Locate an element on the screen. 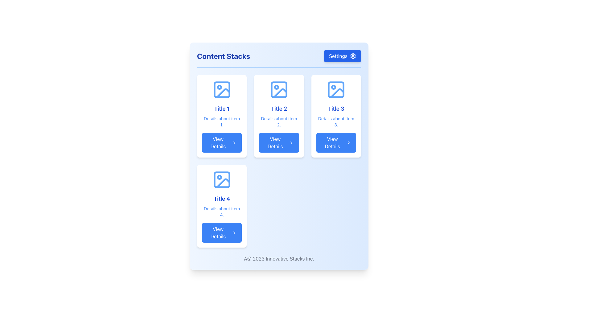  heading text 'Title 2' which is styled in bold and blue color, located in the second card of the top row in the grid layout is located at coordinates (278, 109).